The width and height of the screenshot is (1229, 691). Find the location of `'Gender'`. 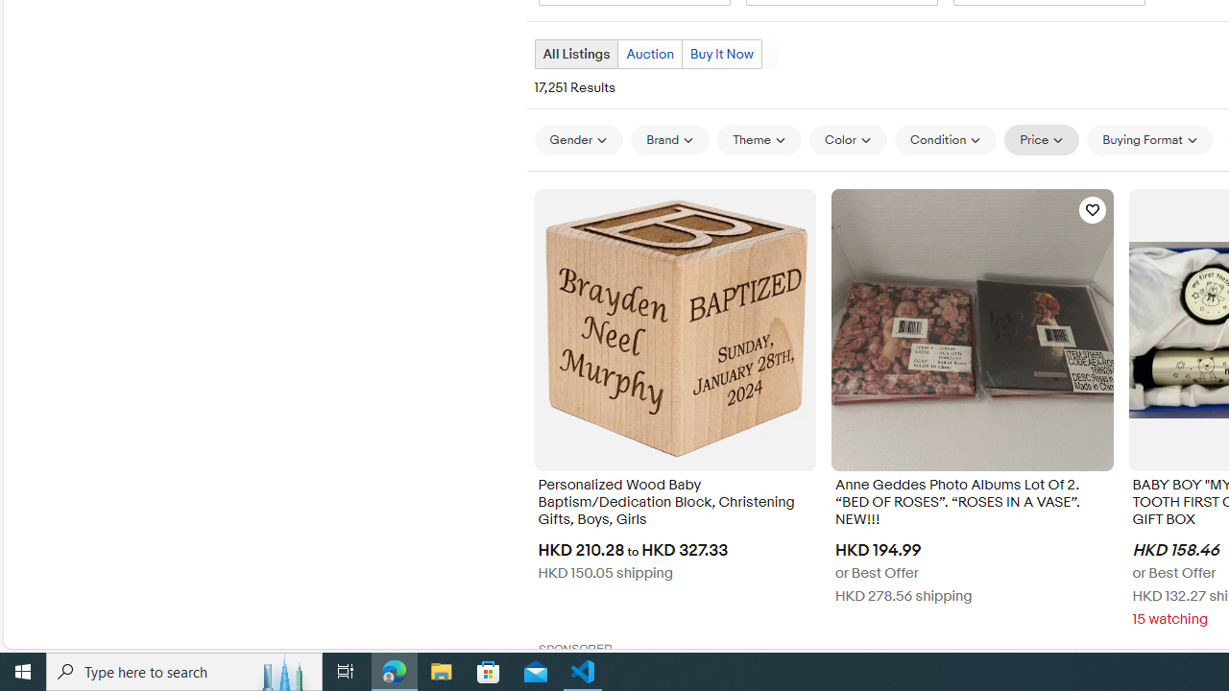

'Gender' is located at coordinates (577, 138).